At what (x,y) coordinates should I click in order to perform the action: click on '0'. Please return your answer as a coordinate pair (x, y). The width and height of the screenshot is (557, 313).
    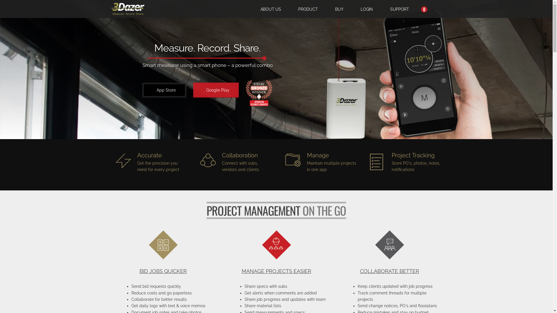
    Looking at the image, I should click on (422, 9).